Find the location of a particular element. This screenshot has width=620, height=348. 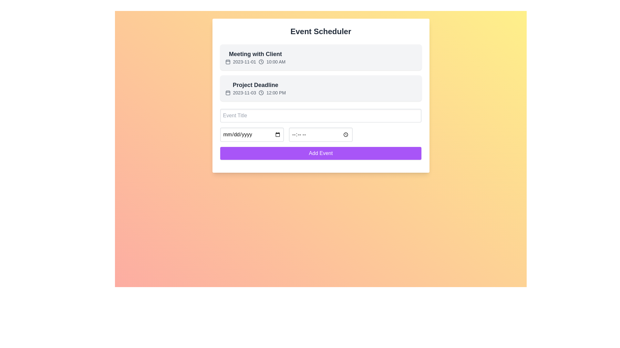

the calendar icon element, which is a square with slightly rounded corners and is located to the left of the text '2023-11-03' in the 'Project Deadline' entry within the 'Event Scheduler' card is located at coordinates (228, 93).